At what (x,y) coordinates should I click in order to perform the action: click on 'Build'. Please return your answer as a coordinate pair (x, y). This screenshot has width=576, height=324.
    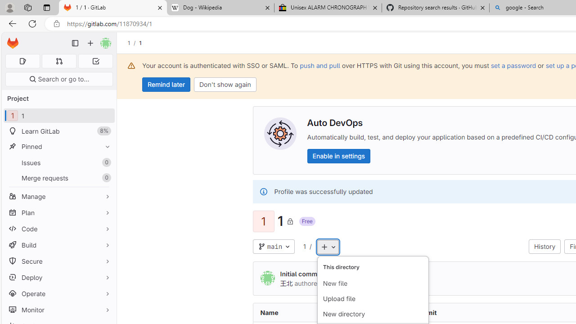
    Looking at the image, I should click on (58, 245).